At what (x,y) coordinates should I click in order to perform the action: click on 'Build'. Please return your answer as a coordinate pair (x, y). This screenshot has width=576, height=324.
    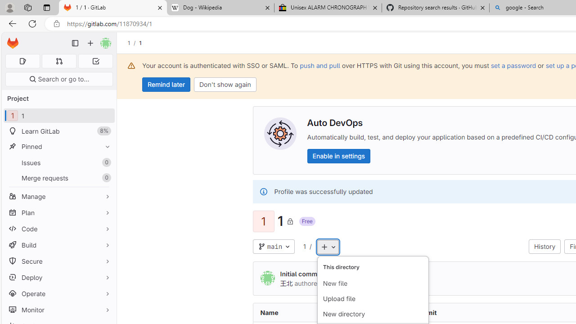
    Looking at the image, I should click on (58, 245).